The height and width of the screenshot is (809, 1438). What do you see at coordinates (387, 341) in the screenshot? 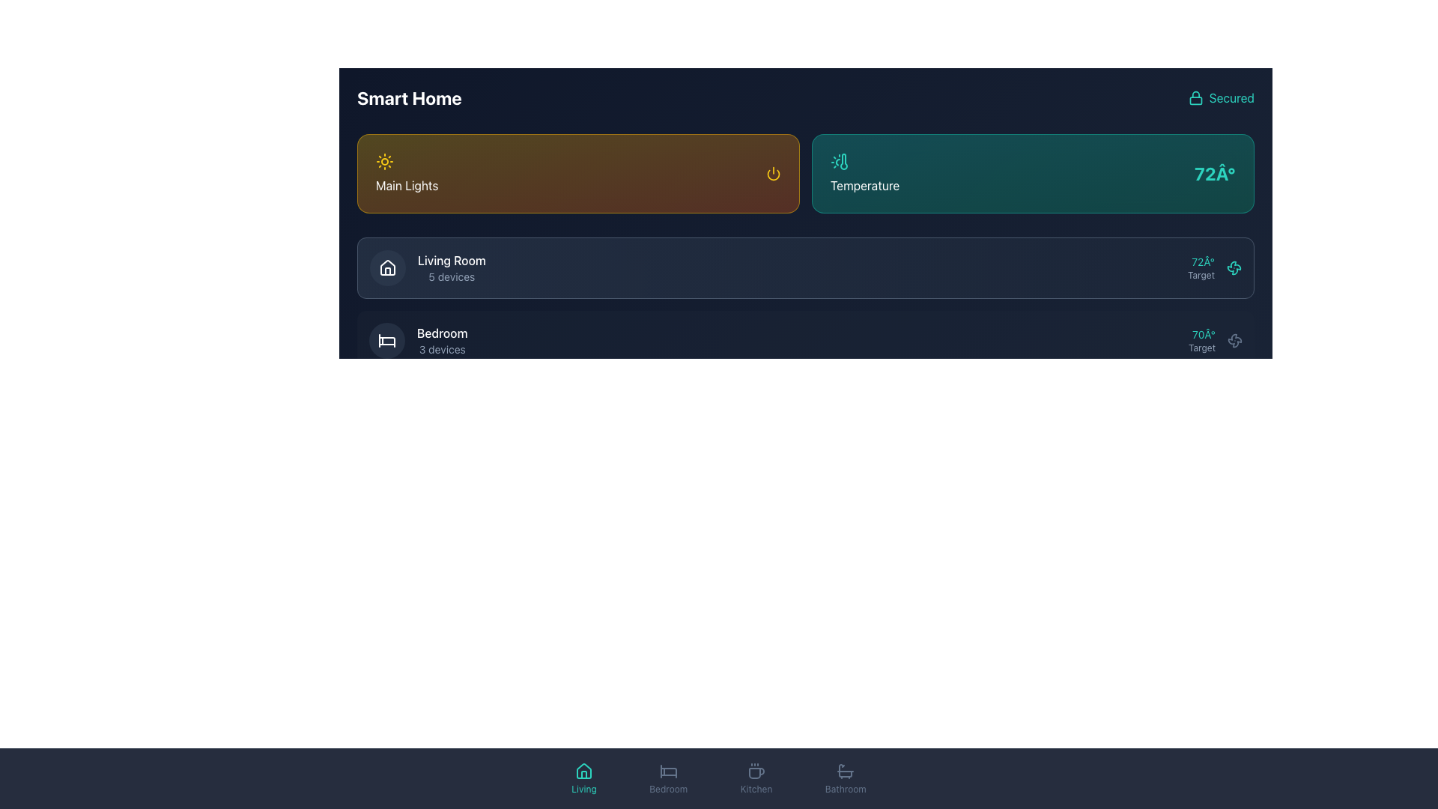
I see `the bed icon, which is a monochrome line-based SVG graphic within a circular dark-gray background, located in the lower-left segment of the 'Bedroom' section card` at bounding box center [387, 341].